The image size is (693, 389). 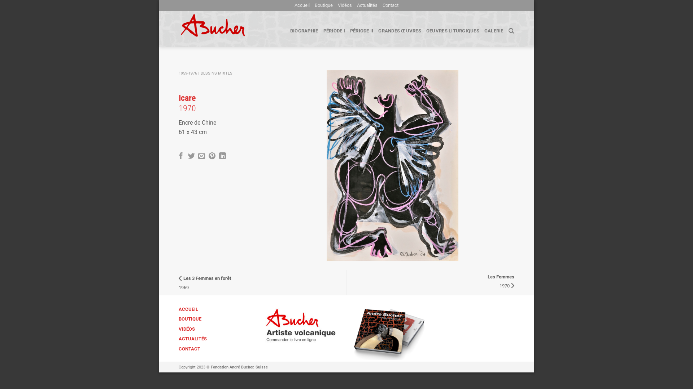 What do you see at coordinates (390, 5) in the screenshot?
I see `'Contact'` at bounding box center [390, 5].